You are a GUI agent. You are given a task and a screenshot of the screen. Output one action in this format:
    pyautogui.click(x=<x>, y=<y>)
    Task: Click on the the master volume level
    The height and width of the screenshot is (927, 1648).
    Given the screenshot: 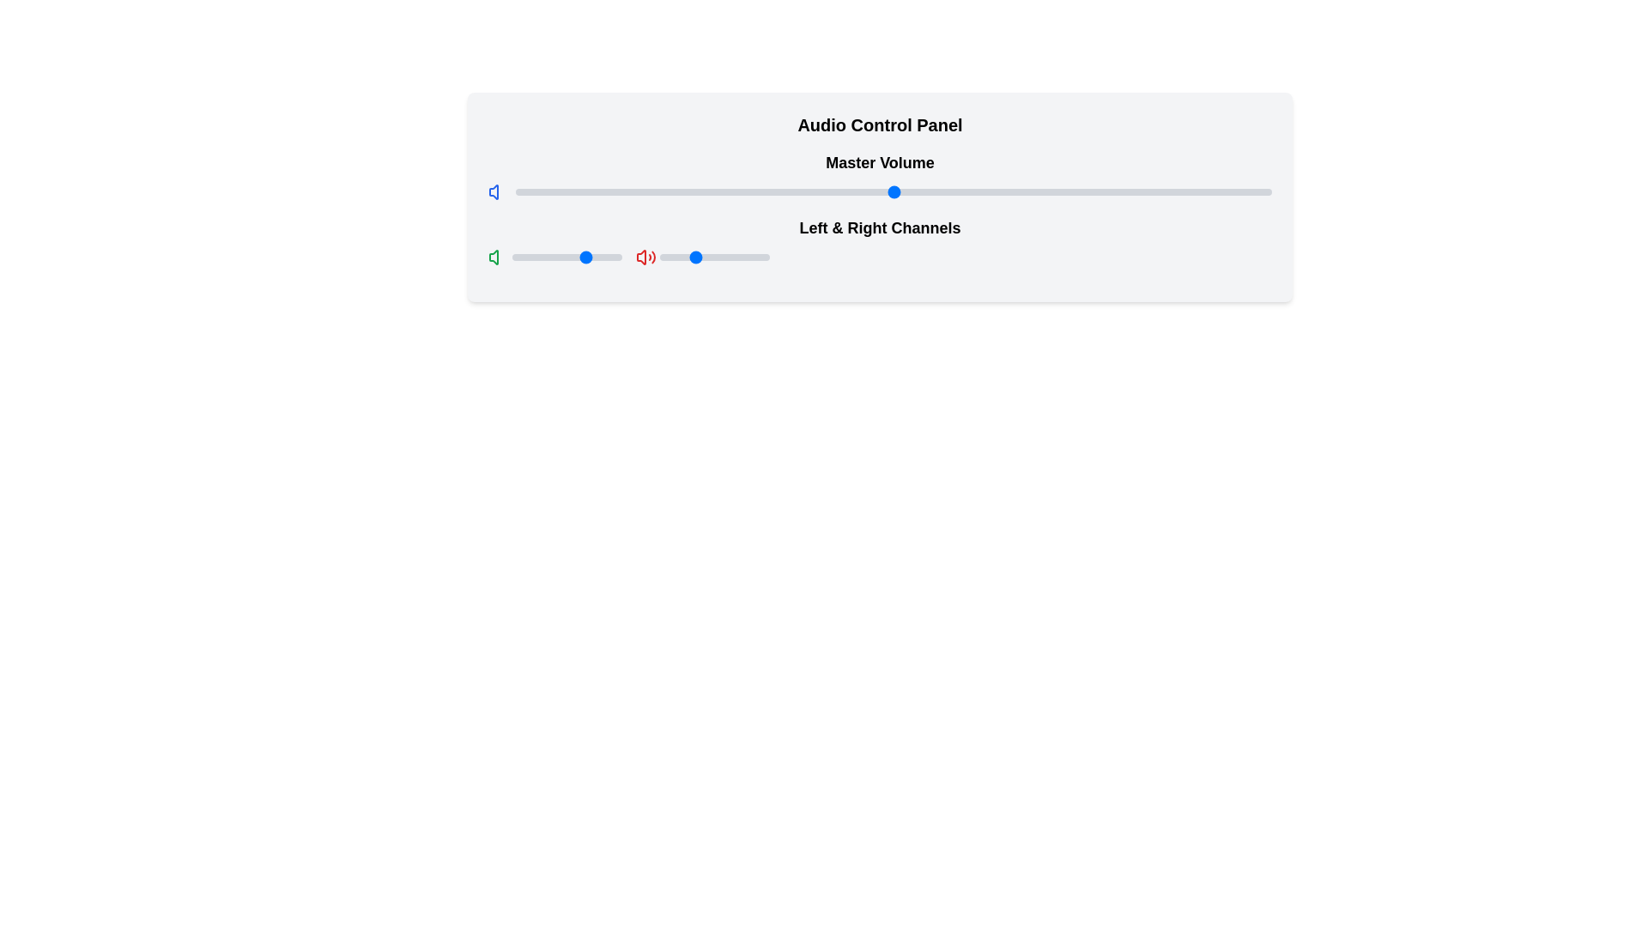 What is the action you would take?
    pyautogui.click(x=750, y=191)
    